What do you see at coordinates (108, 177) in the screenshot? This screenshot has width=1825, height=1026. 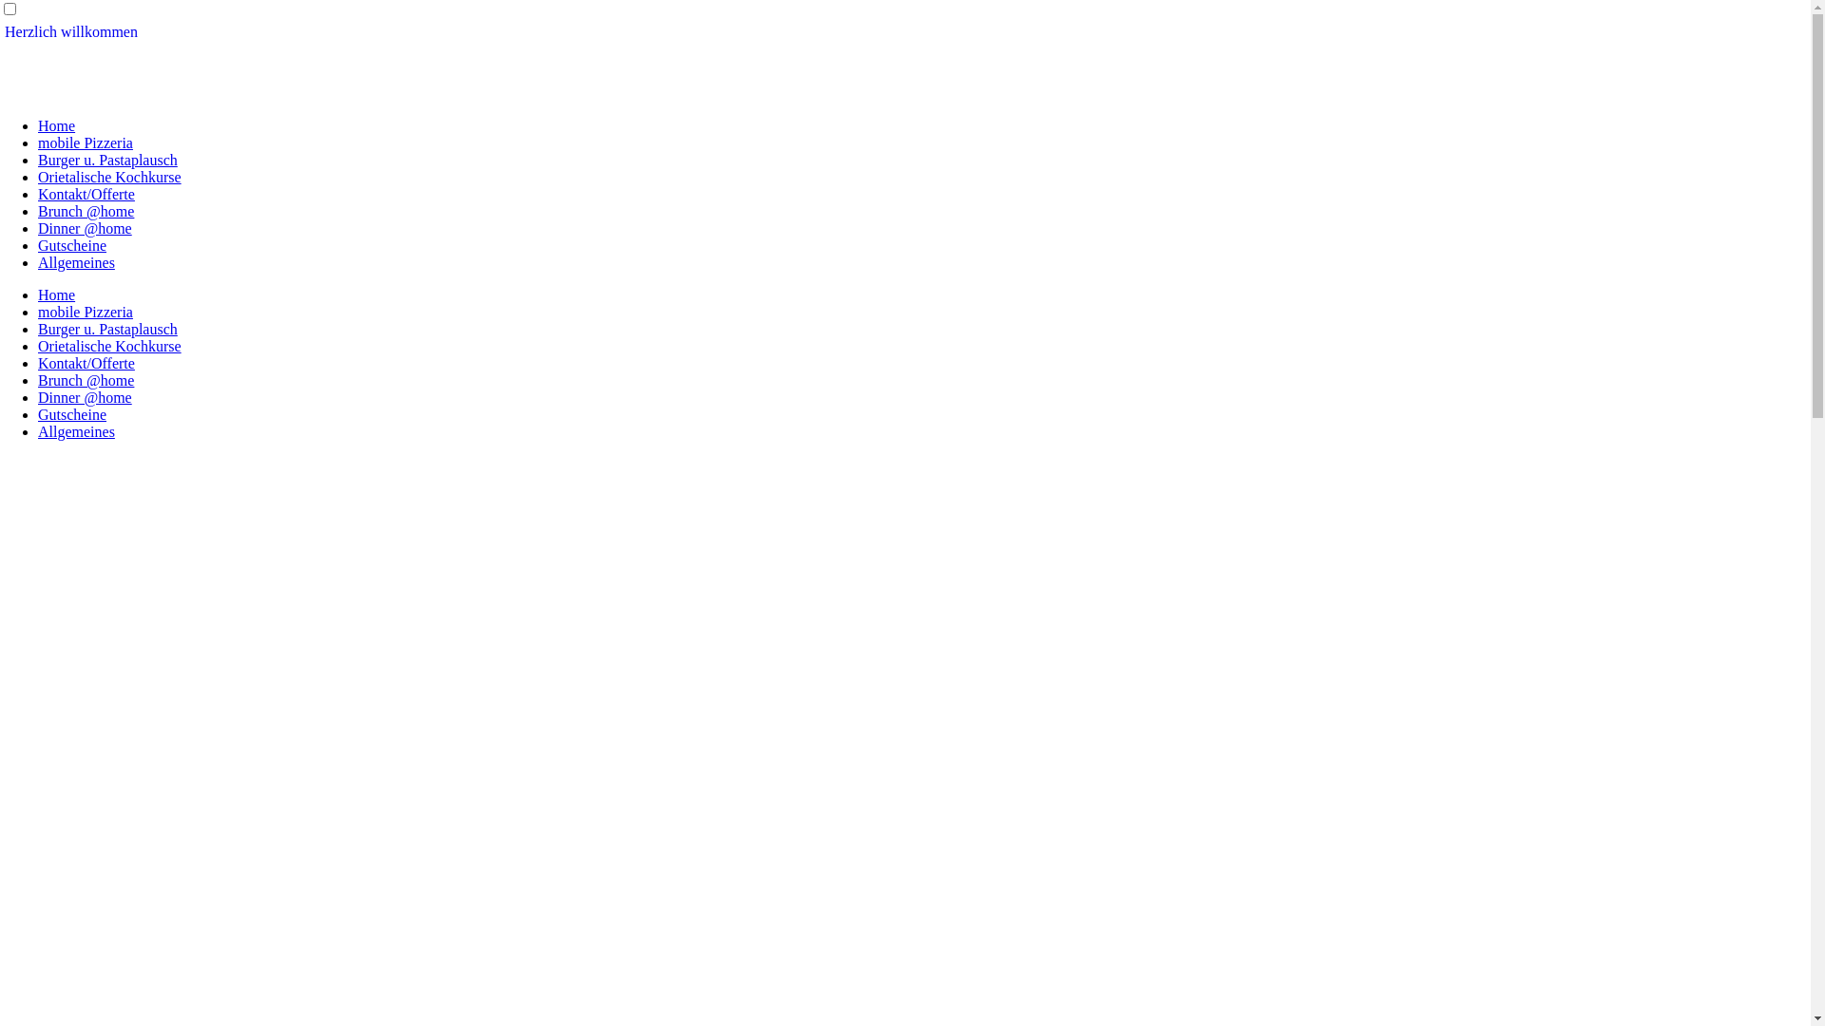 I see `'Orietalische Kochkurse'` at bounding box center [108, 177].